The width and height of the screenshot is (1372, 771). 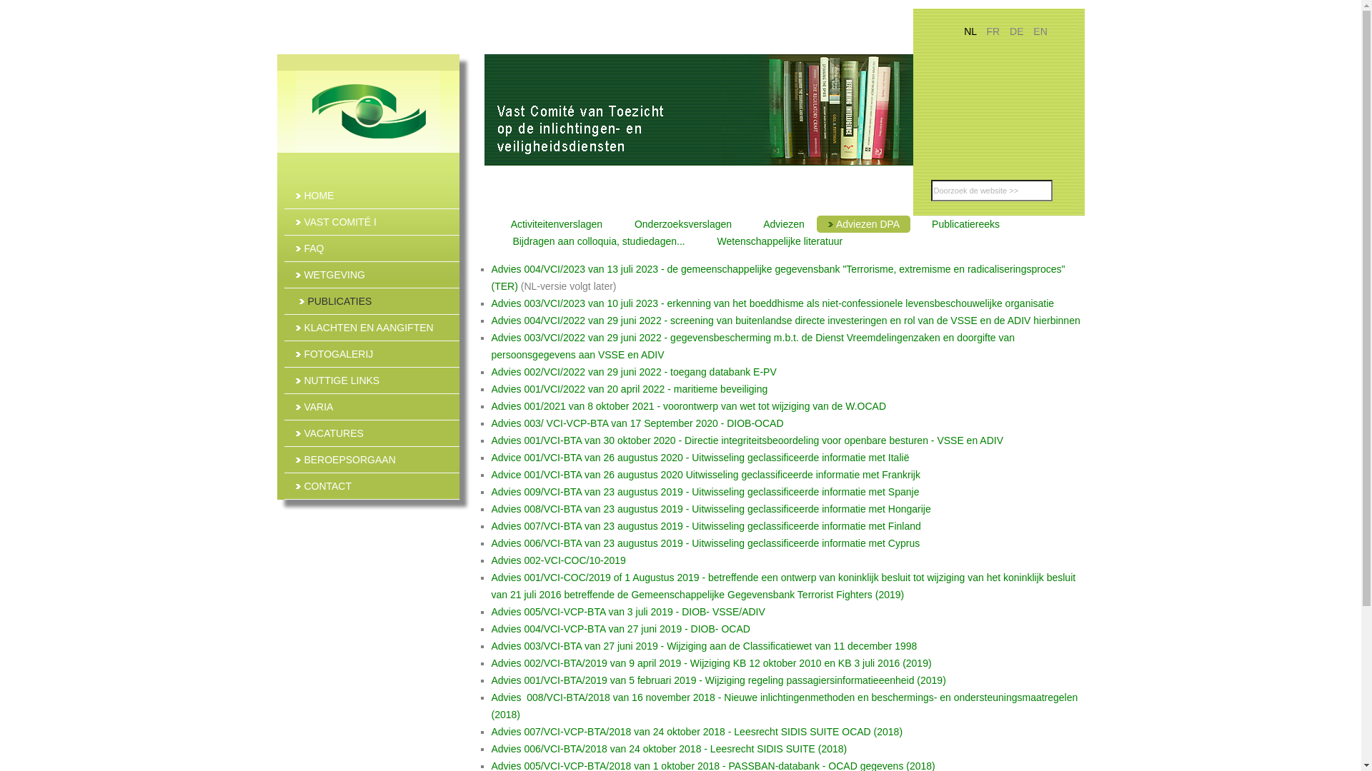 What do you see at coordinates (778, 223) in the screenshot?
I see `'Adviezen'` at bounding box center [778, 223].